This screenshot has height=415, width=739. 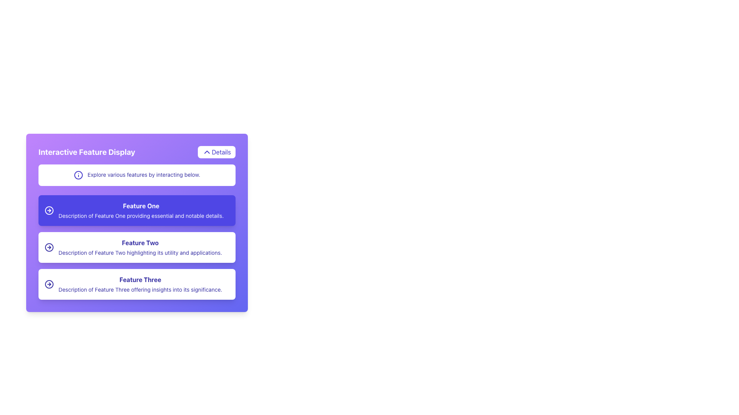 I want to click on the indigo circular icon with a vertical line and a dot above it, which is located to the left of the text 'Explore various features by interacting below.', so click(x=78, y=175).